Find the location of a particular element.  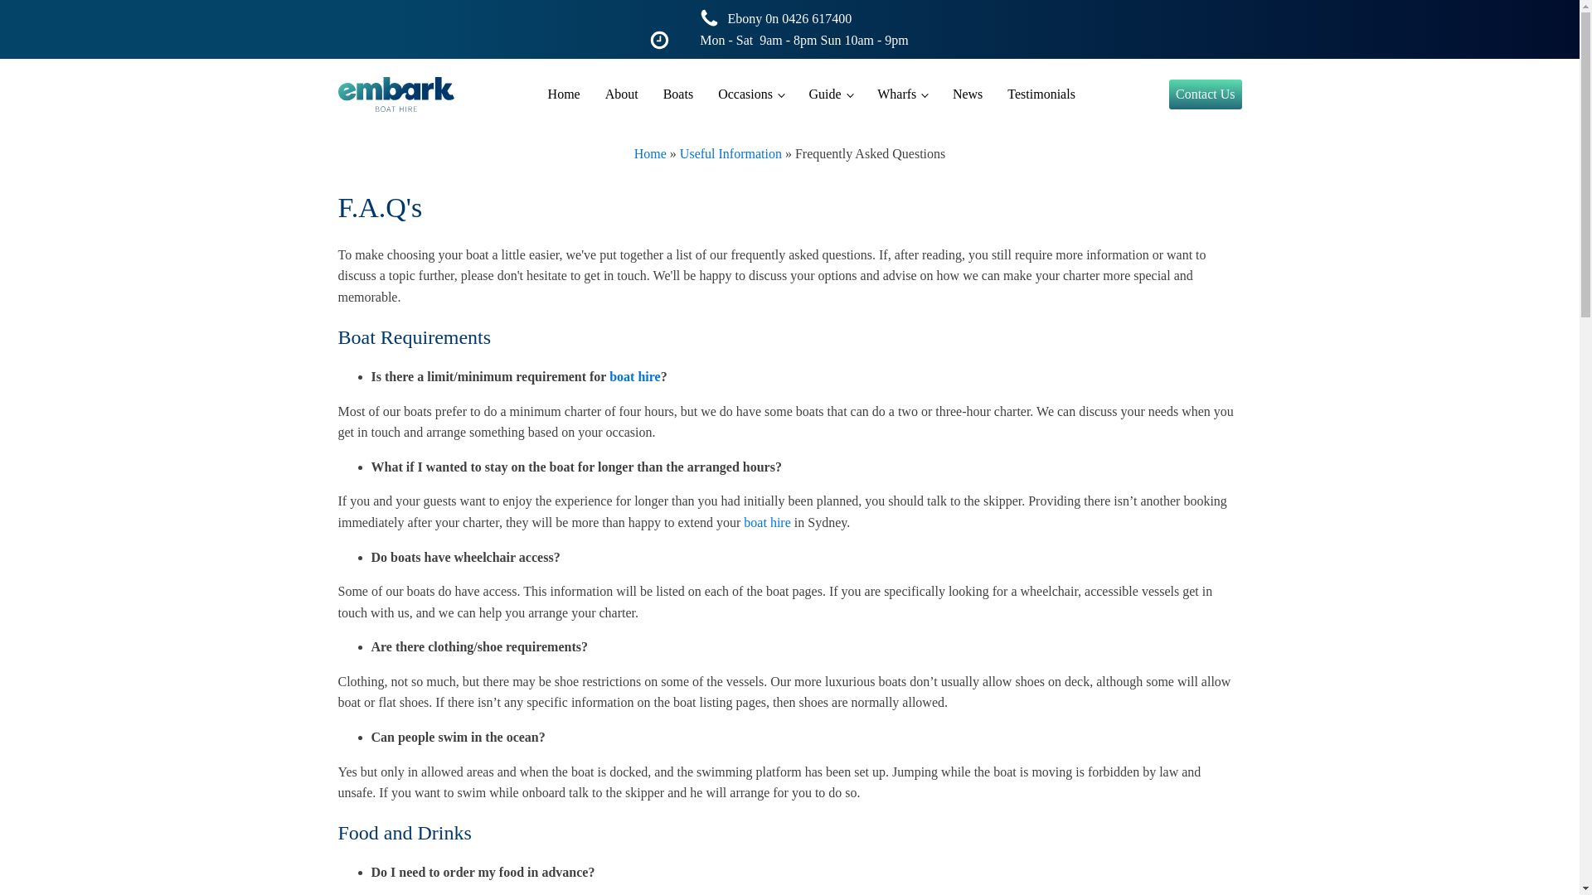

'Useful Information' is located at coordinates (730, 153).